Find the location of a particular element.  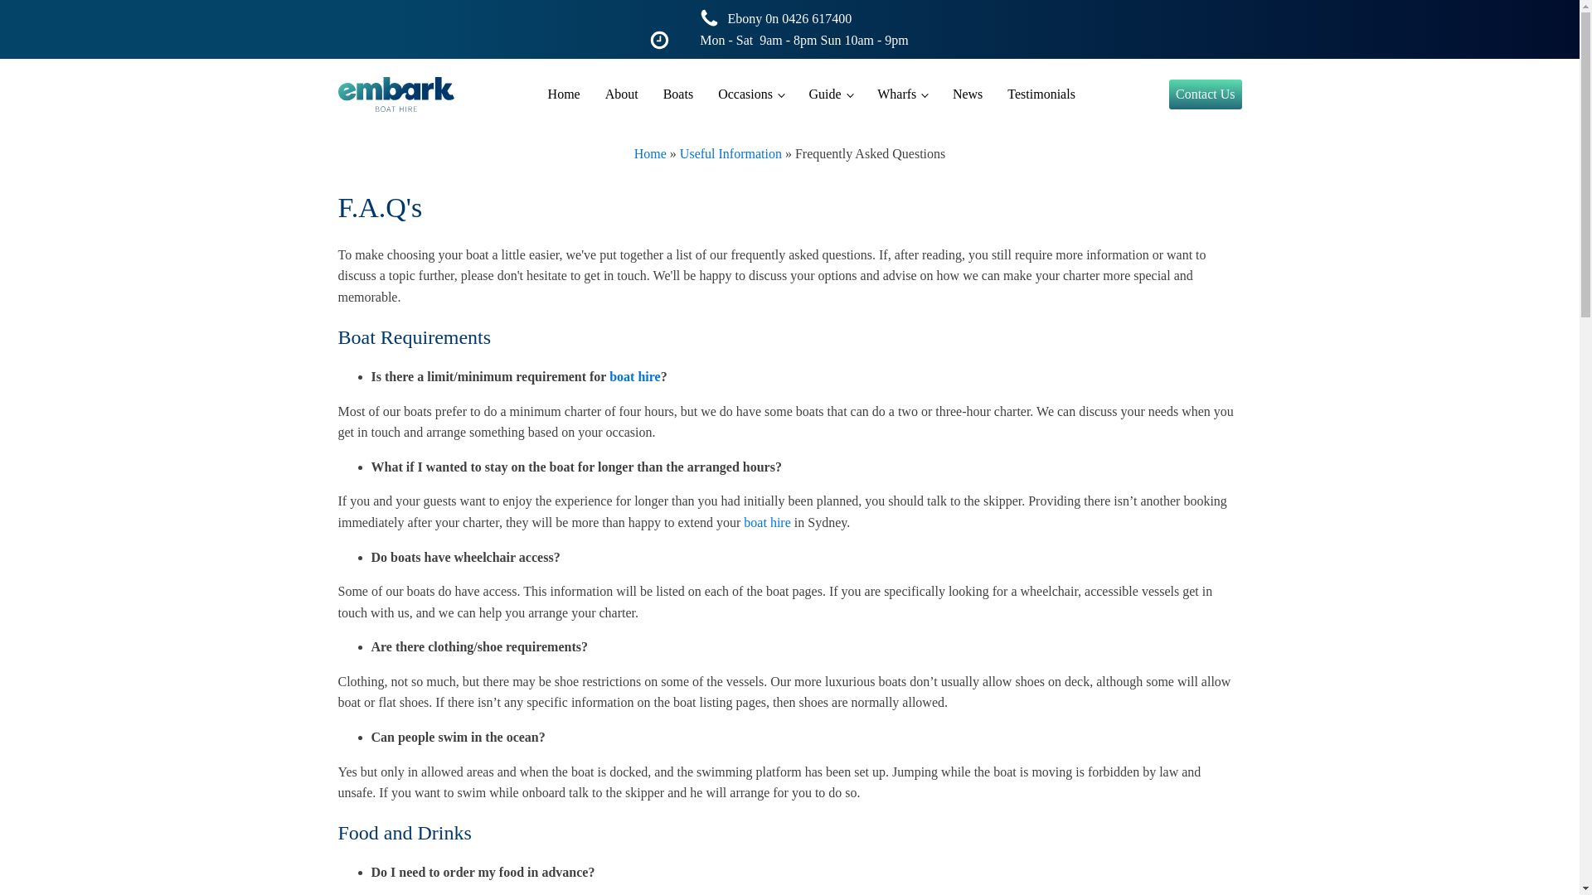

'Useful Information' is located at coordinates (730, 153).